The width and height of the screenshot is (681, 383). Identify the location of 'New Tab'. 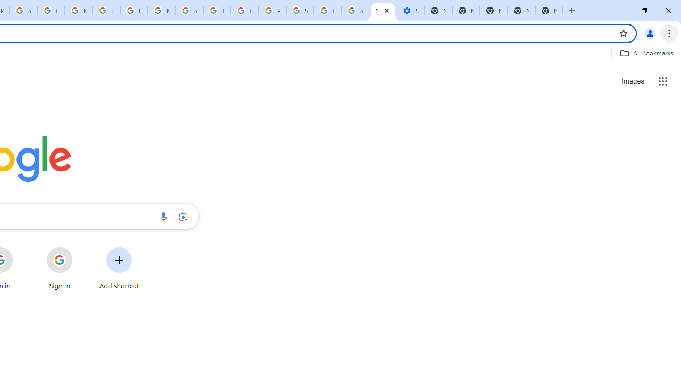
(549, 11).